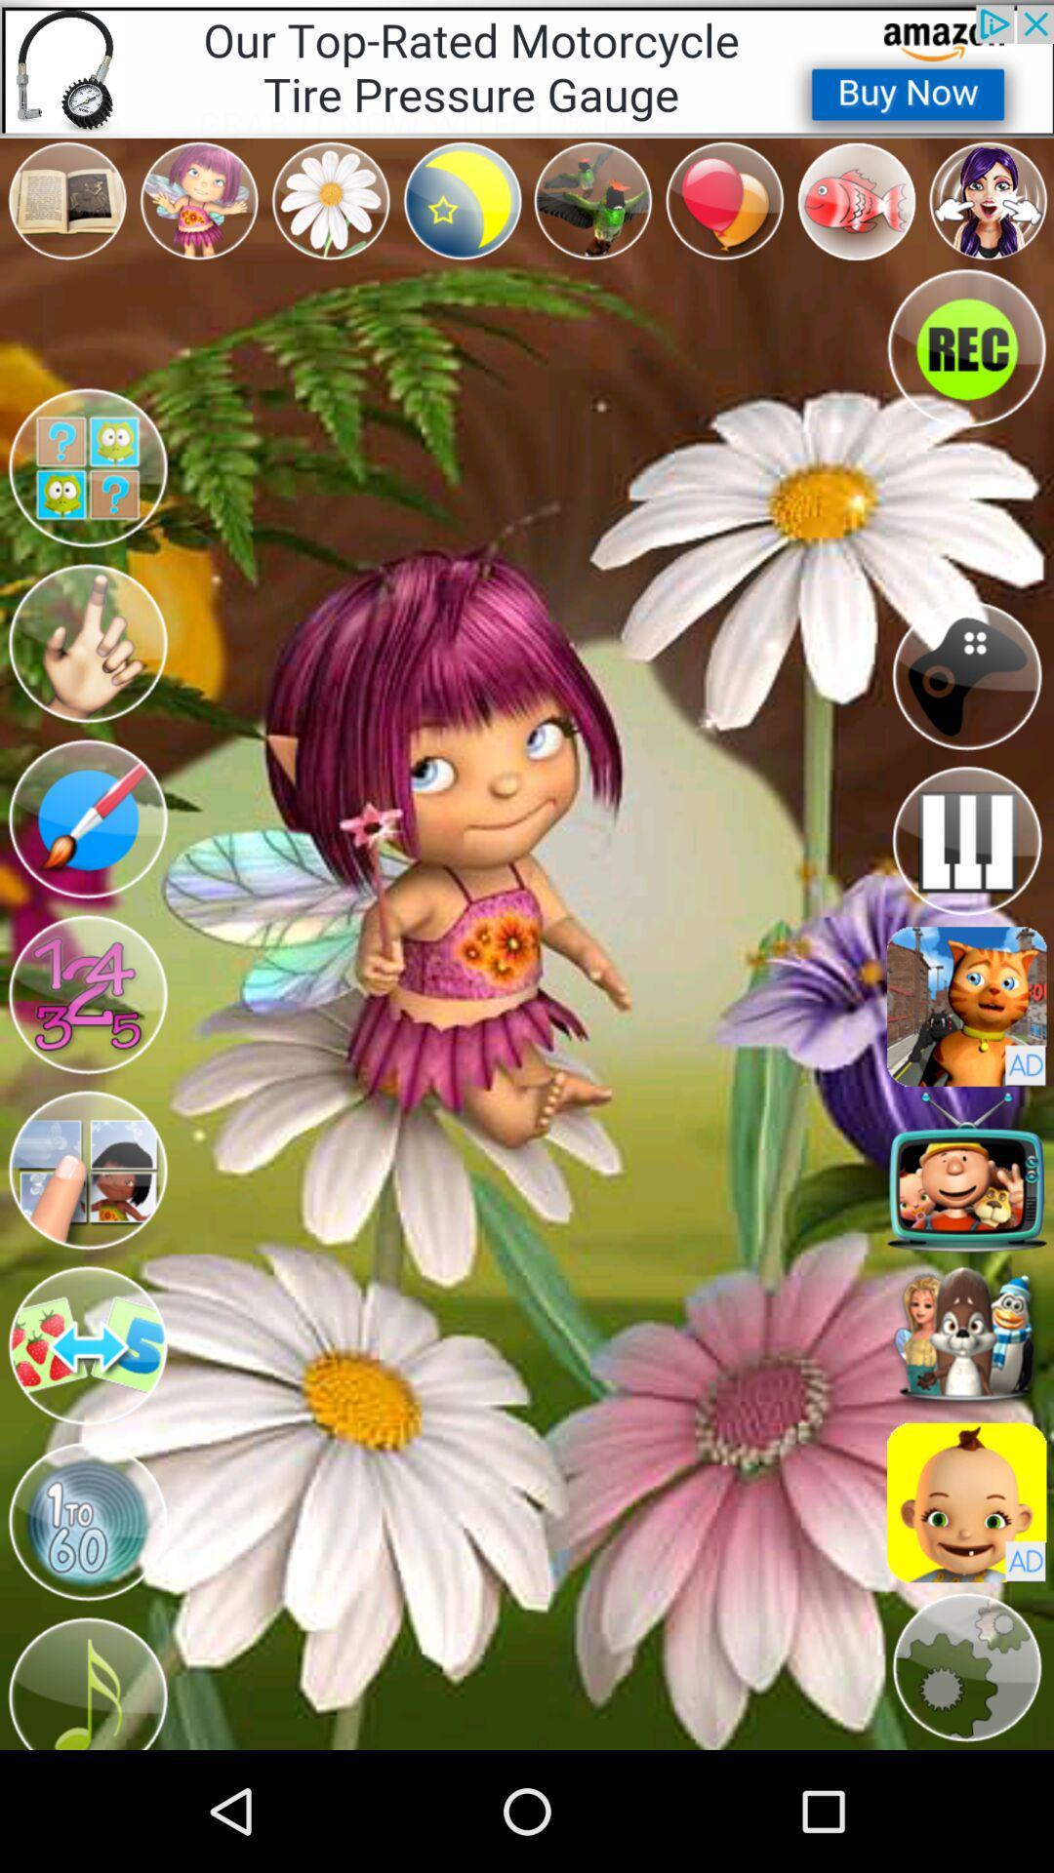 The width and height of the screenshot is (1054, 1873). Describe the element at coordinates (86, 1797) in the screenshot. I see `the music icon` at that location.